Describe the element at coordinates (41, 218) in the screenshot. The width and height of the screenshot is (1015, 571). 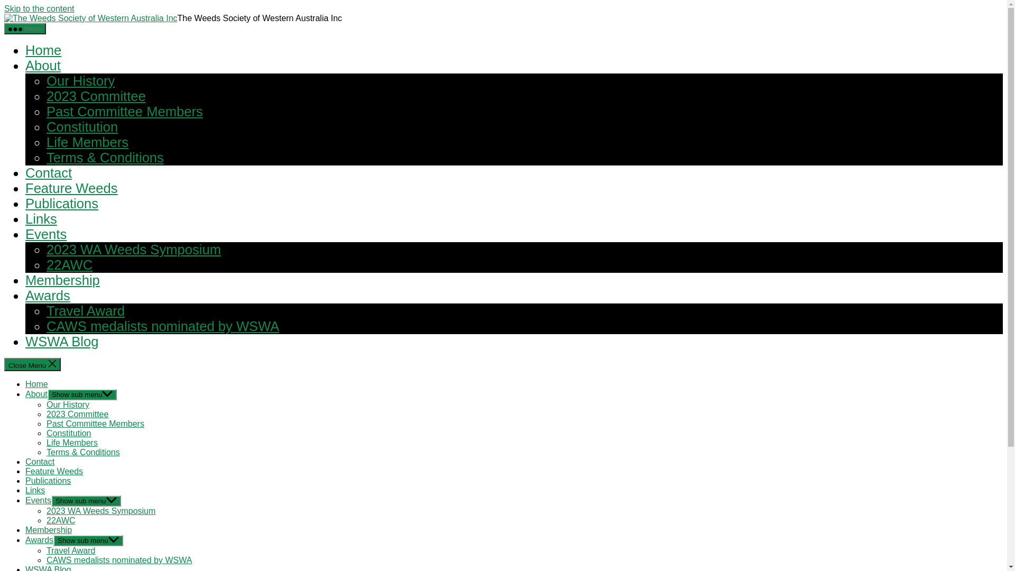
I see `'Links'` at that location.